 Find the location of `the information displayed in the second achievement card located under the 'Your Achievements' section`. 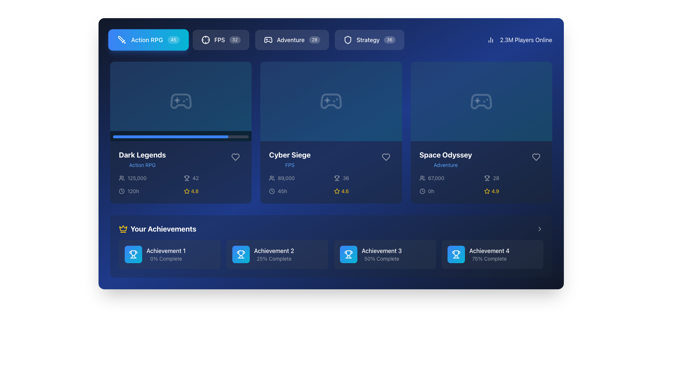

the information displayed in the second achievement card located under the 'Your Achievements' section is located at coordinates (277, 254).